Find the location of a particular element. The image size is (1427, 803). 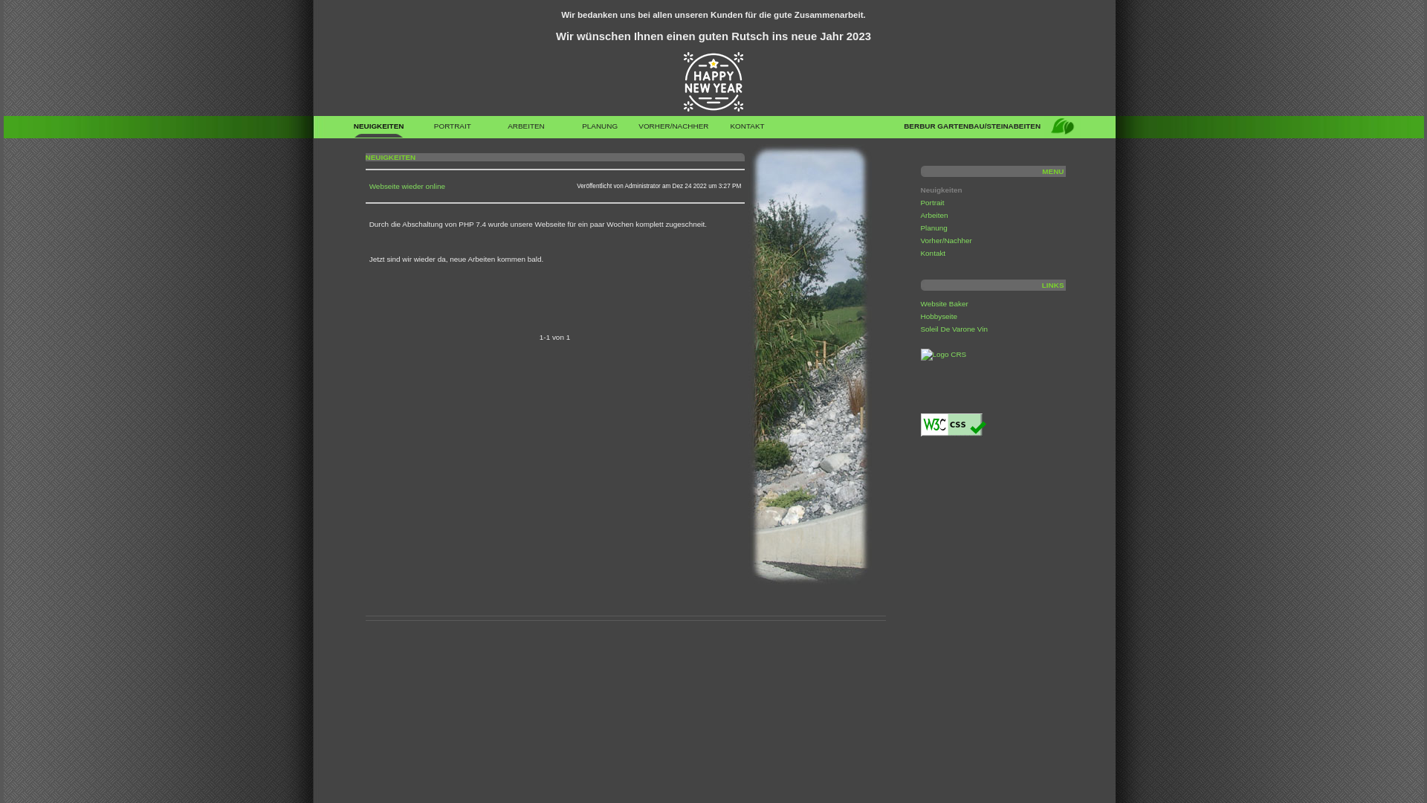

'Countryradio Switzerland' is located at coordinates (919, 354).